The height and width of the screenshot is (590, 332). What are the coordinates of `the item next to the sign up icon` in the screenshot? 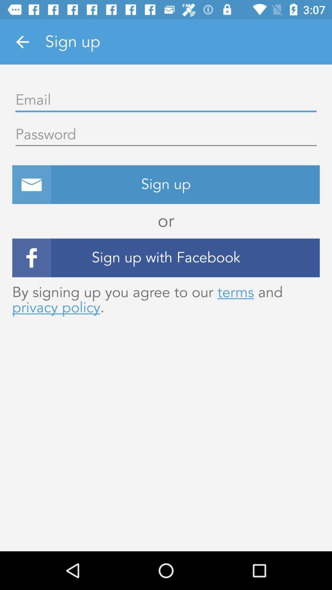 It's located at (22, 41).